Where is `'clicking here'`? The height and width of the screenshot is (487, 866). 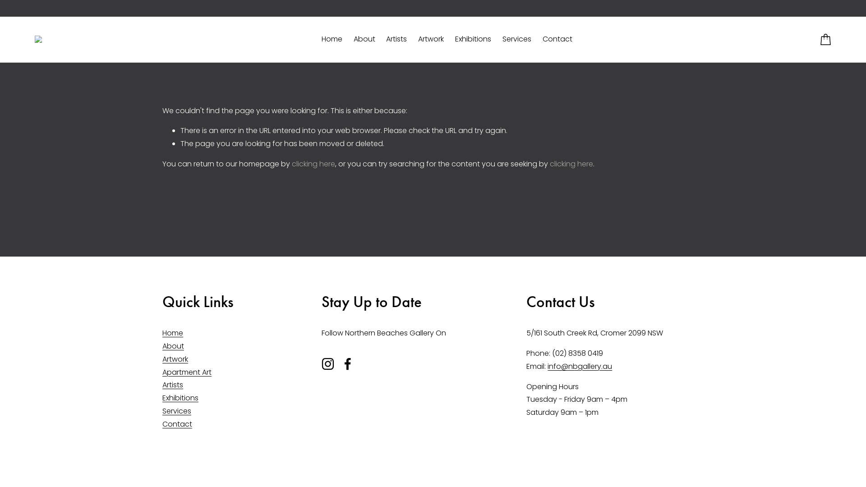
'clicking here' is located at coordinates (313, 164).